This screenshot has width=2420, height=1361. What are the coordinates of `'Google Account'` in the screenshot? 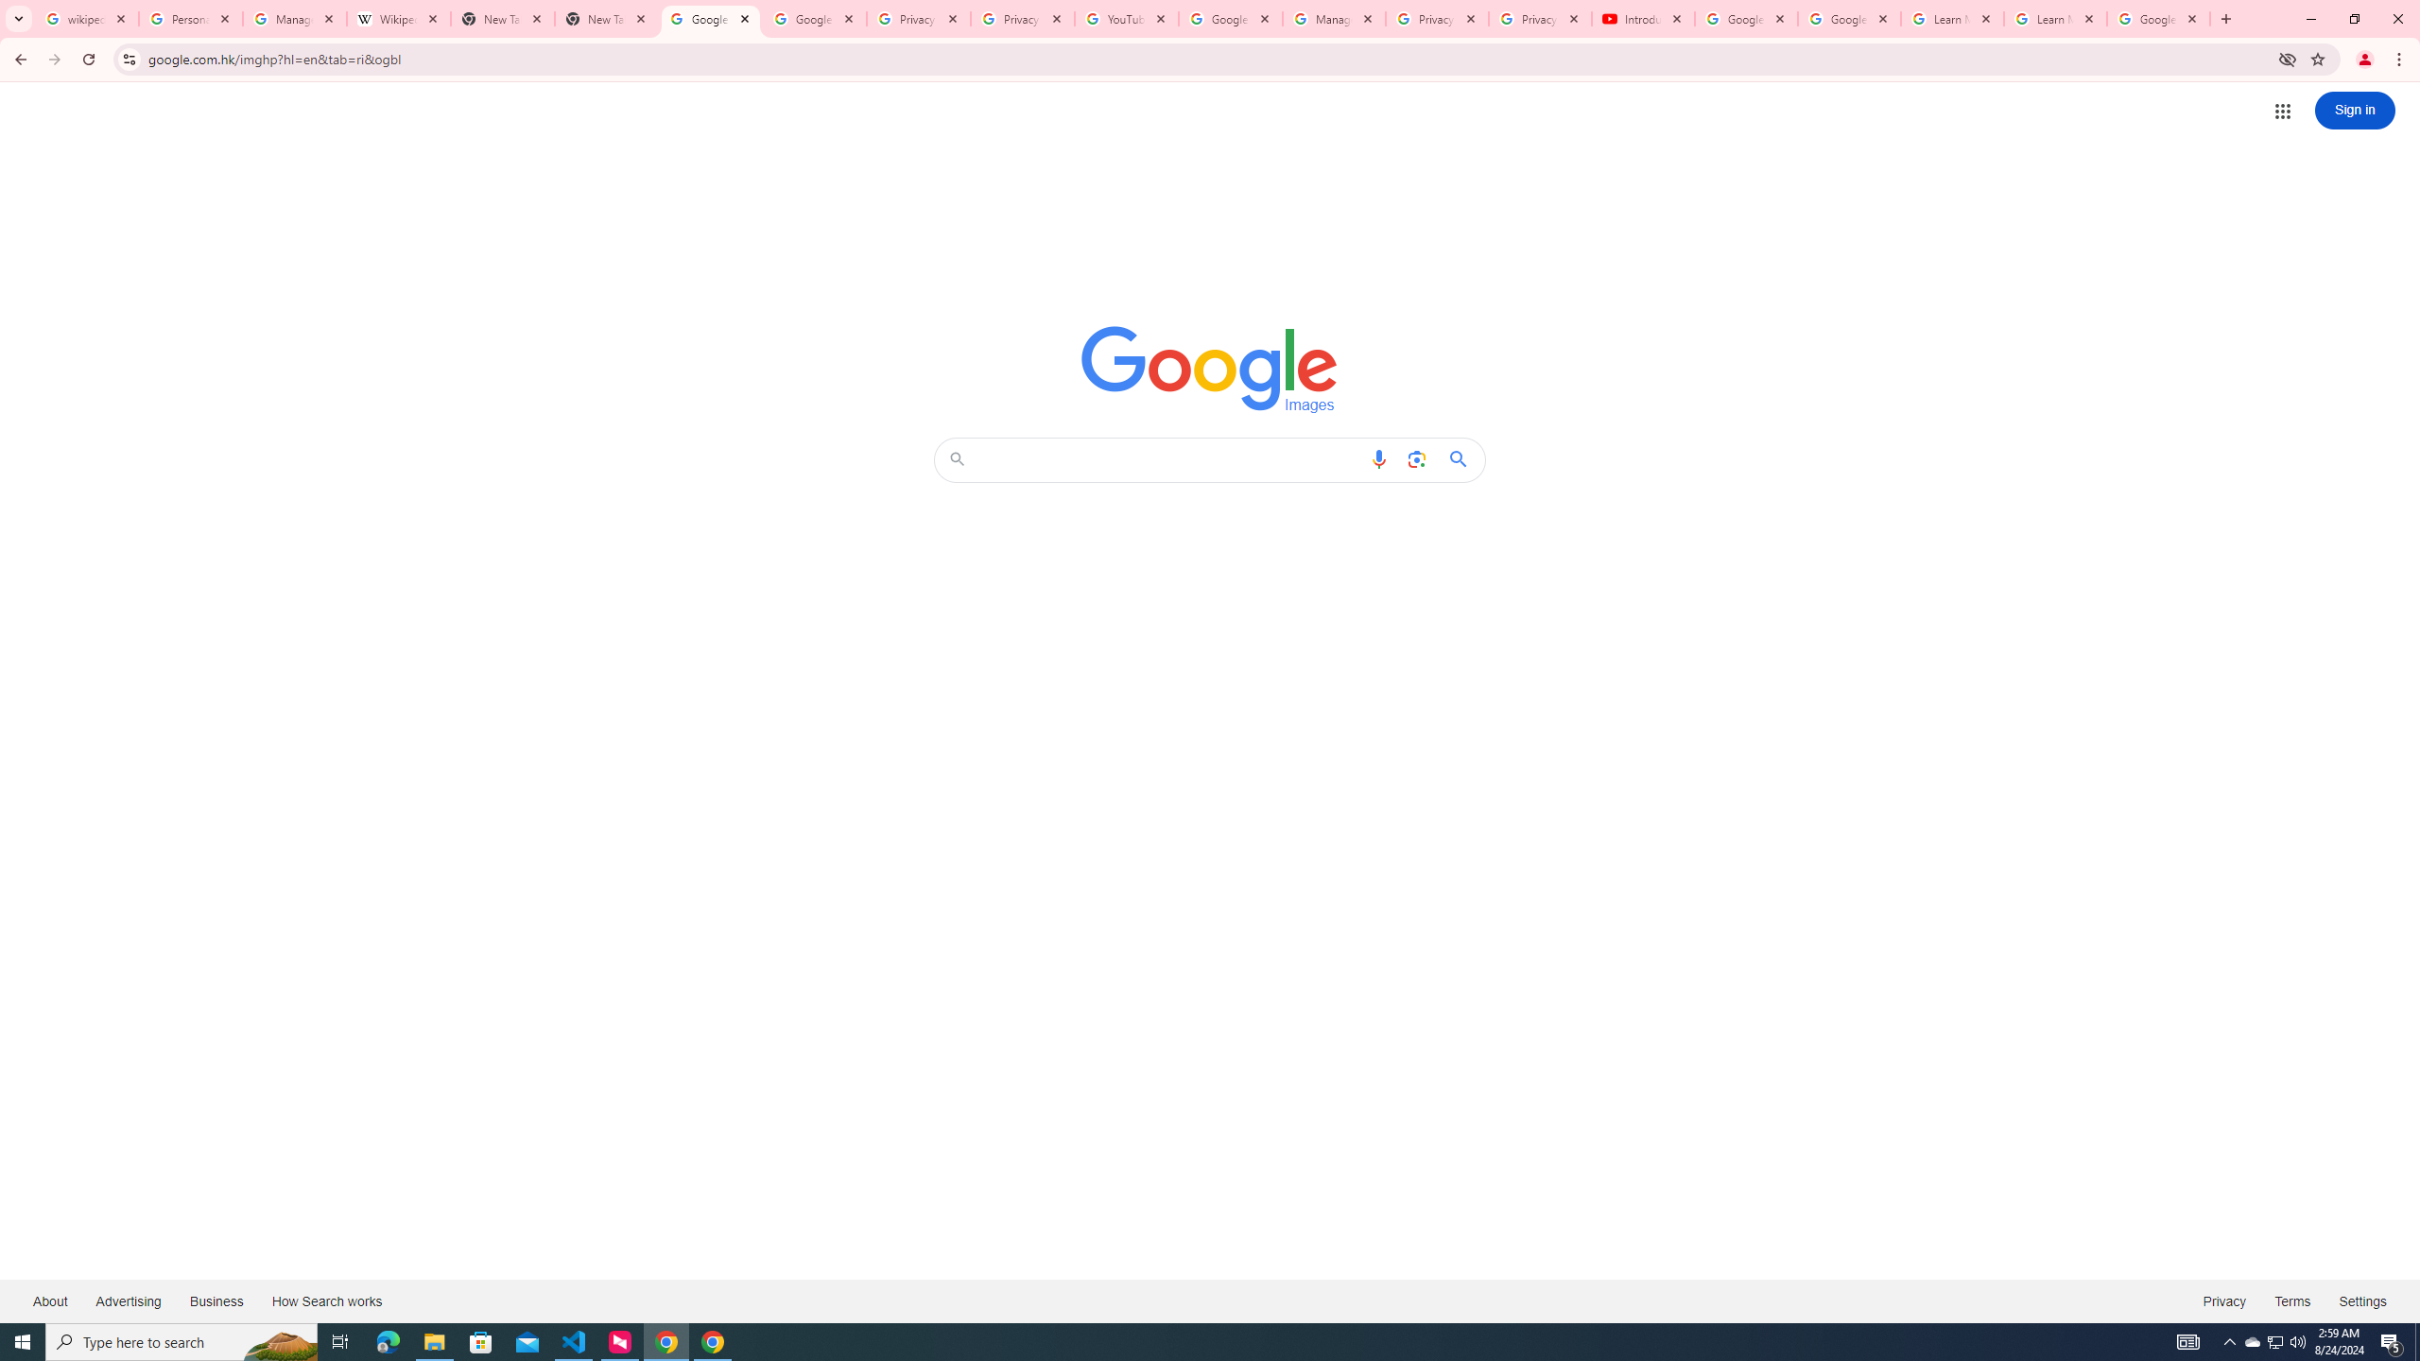 It's located at (2157, 18).